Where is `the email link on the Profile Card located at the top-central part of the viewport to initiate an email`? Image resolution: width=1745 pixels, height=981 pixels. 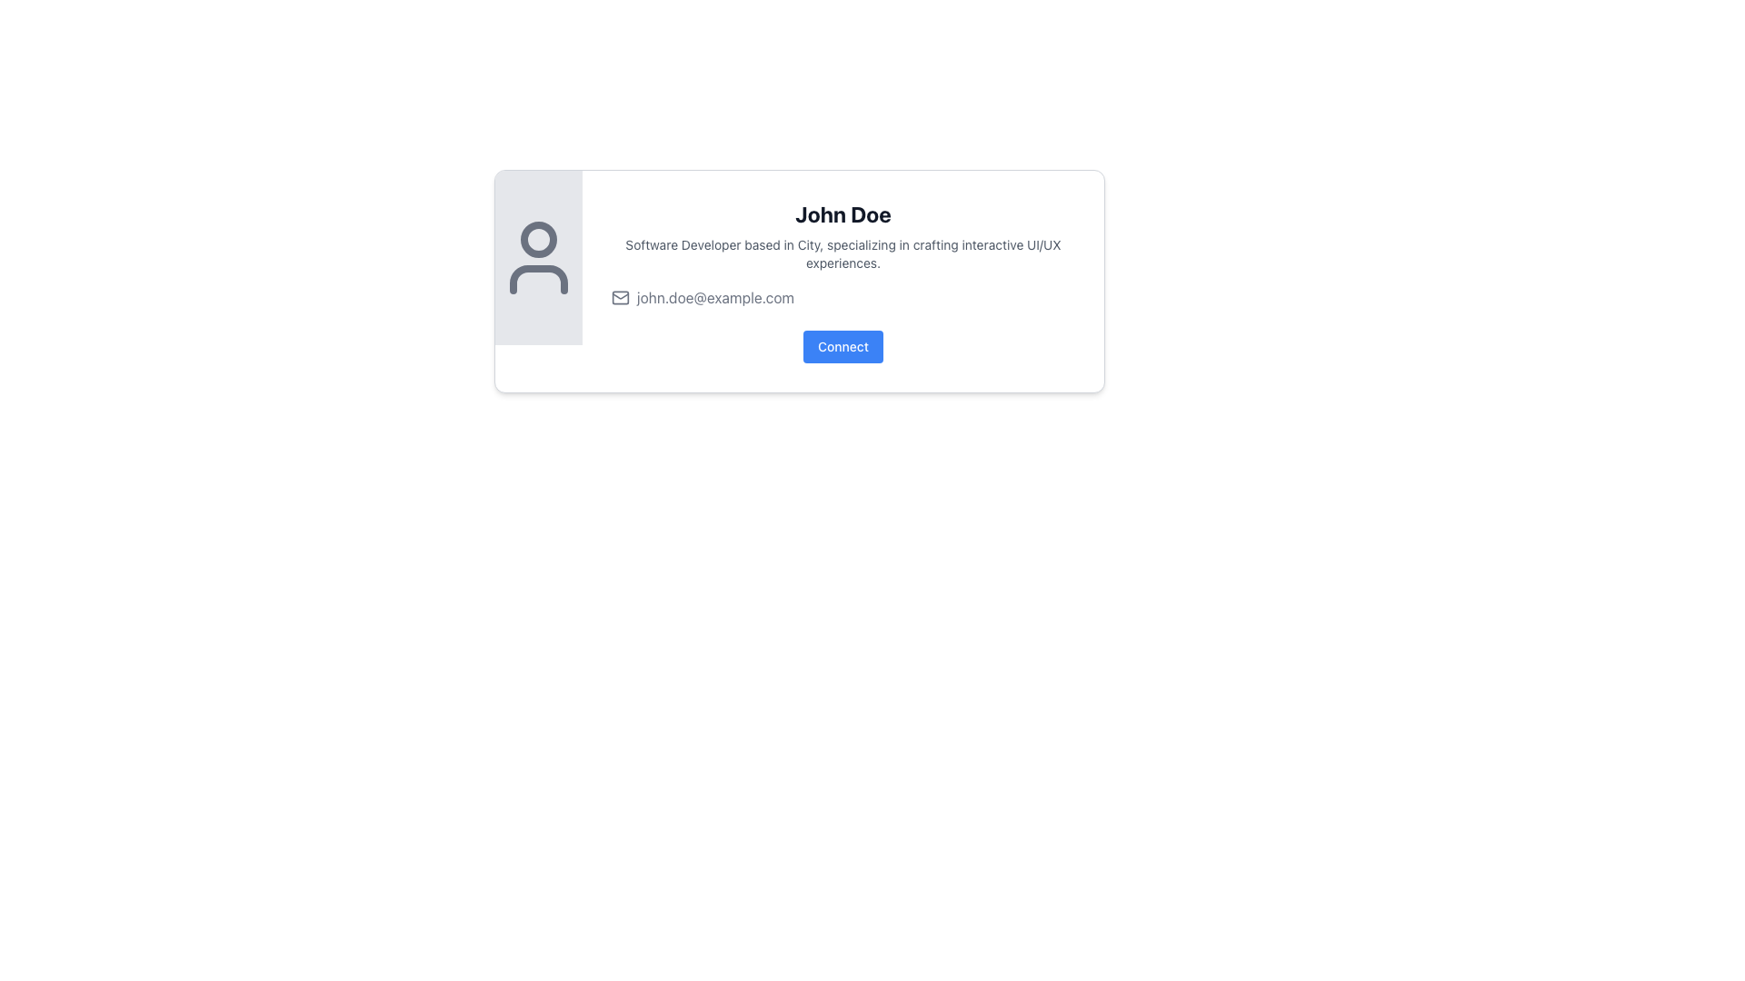
the email link on the Profile Card located at the top-central part of the viewport to initiate an email is located at coordinates (799, 281).